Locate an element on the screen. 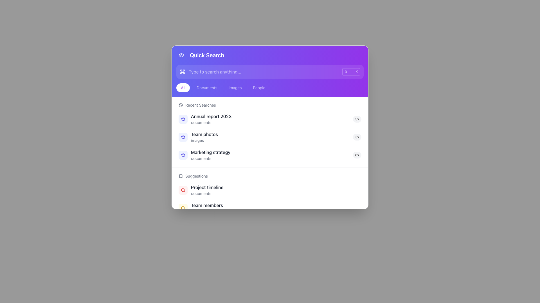  the 'Documents' button, which is the second button in a group of four is located at coordinates (206, 88).